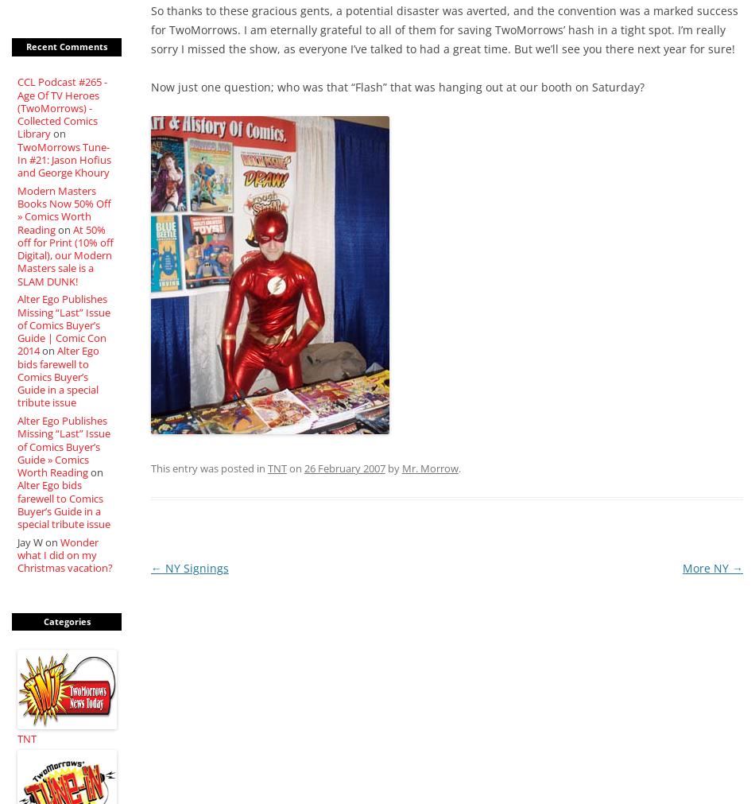  I want to click on 'Categories', so click(66, 620).